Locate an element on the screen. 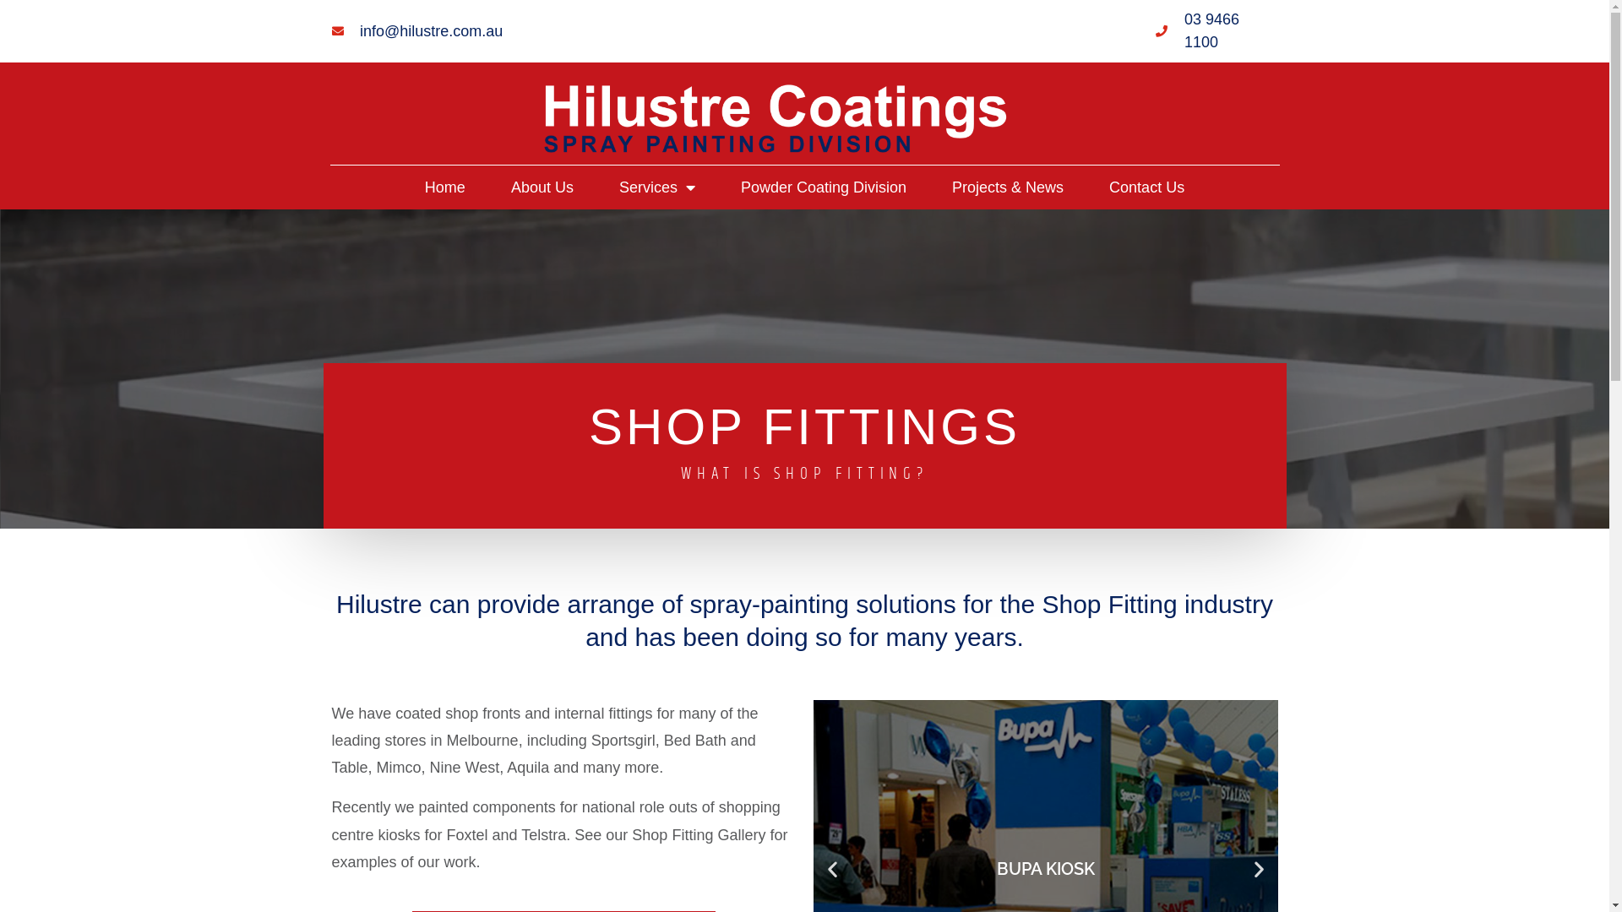  'info@hilustre.com.au' is located at coordinates (416, 31).